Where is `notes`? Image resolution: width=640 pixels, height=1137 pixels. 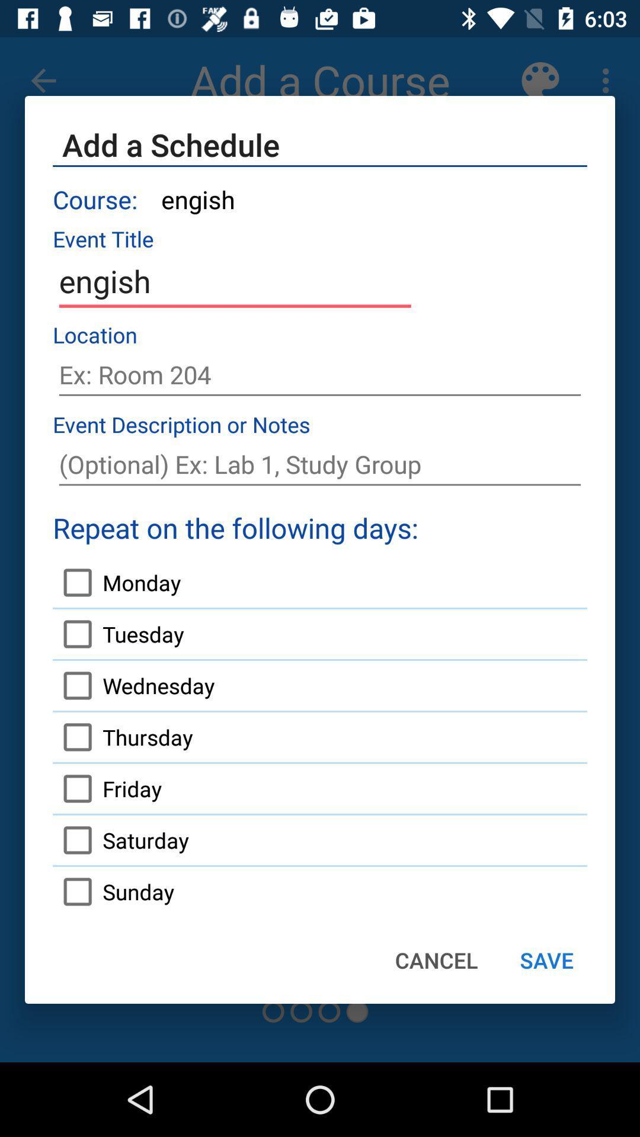 notes is located at coordinates (320, 464).